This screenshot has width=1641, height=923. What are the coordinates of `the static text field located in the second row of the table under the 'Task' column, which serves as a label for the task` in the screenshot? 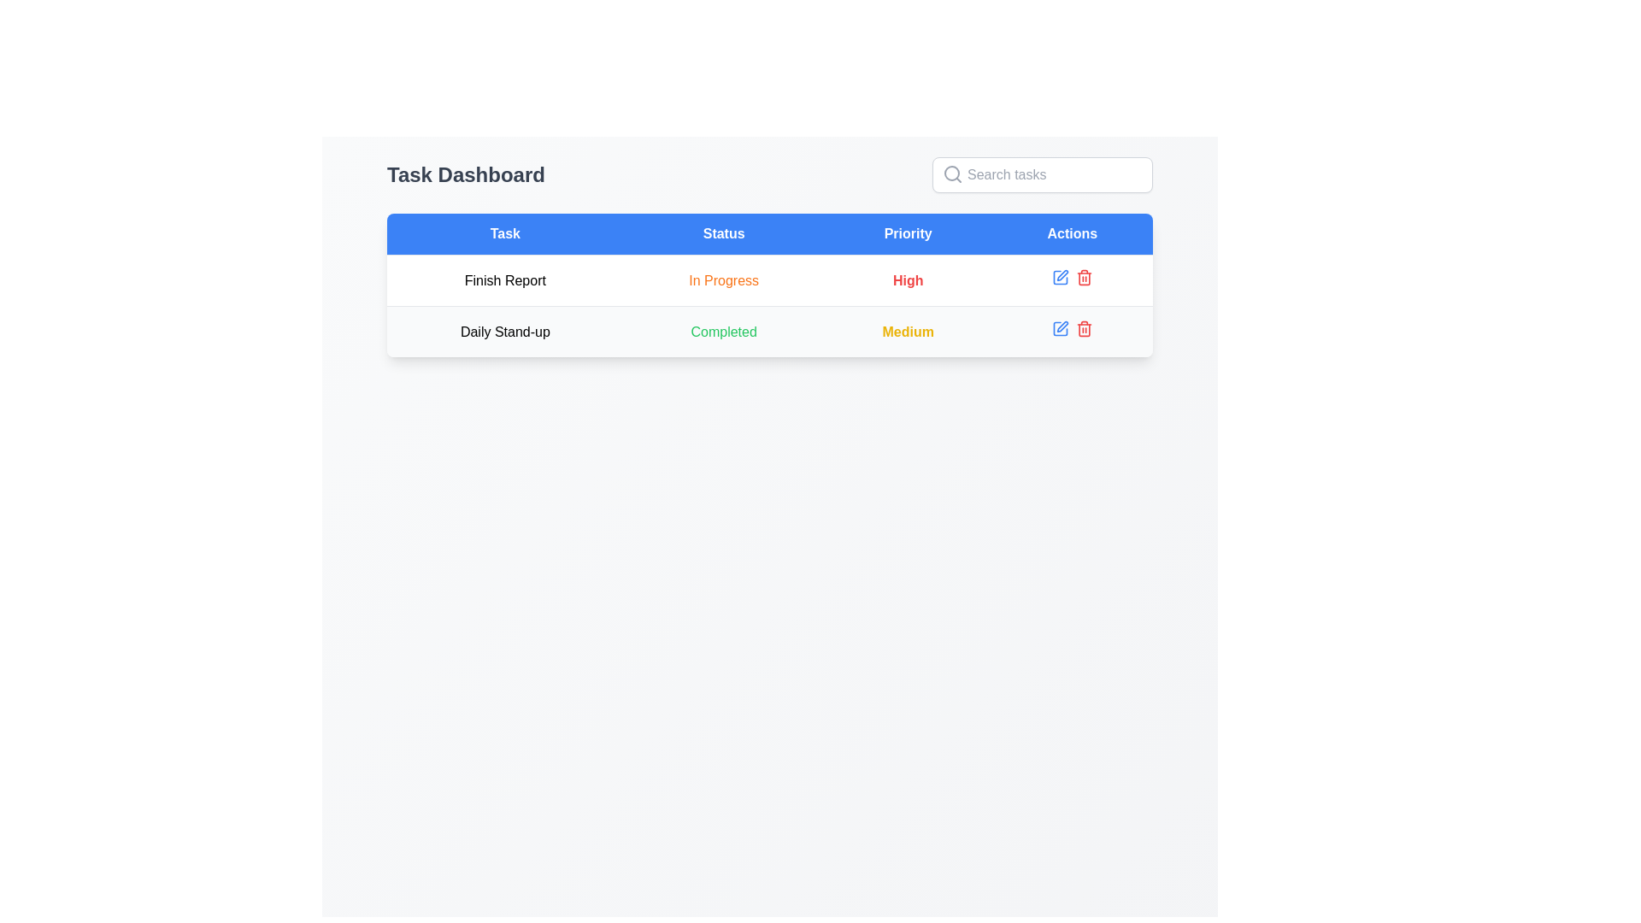 It's located at (504, 332).